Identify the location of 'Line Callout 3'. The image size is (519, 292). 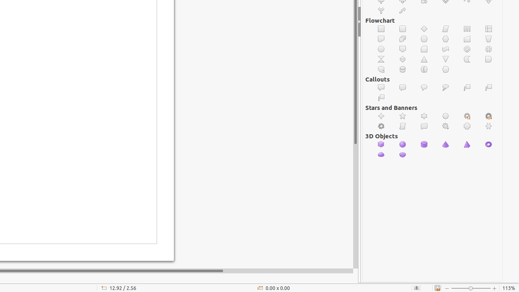
(381, 97).